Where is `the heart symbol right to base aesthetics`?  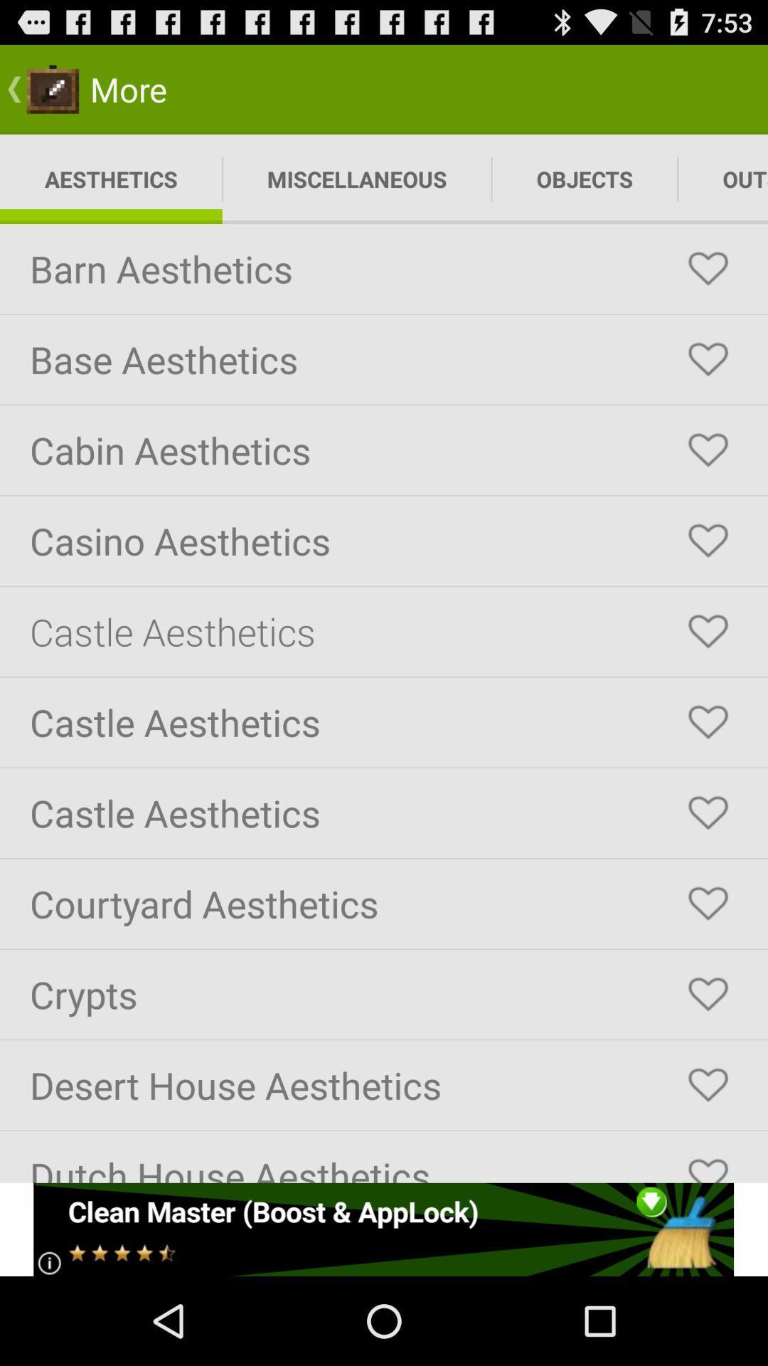
the heart symbol right to base aesthetics is located at coordinates (708, 359).